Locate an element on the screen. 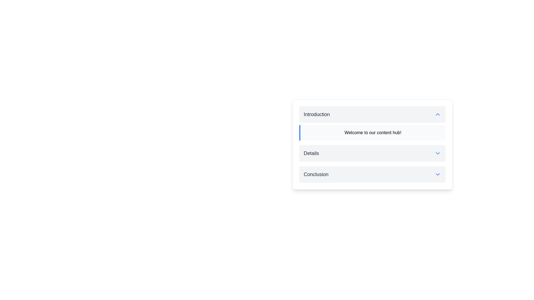  the static text element displaying 'Welcome to our content hub!' located within the light gray panel with a blue border in the introduction section of the accordion-style component is located at coordinates (373, 133).